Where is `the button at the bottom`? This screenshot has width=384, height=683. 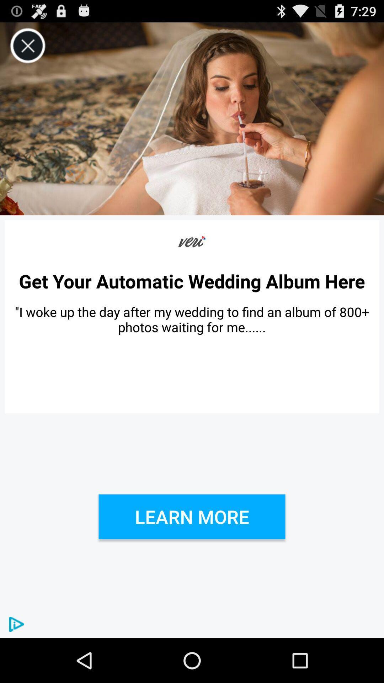
the button at the bottom is located at coordinates (192, 517).